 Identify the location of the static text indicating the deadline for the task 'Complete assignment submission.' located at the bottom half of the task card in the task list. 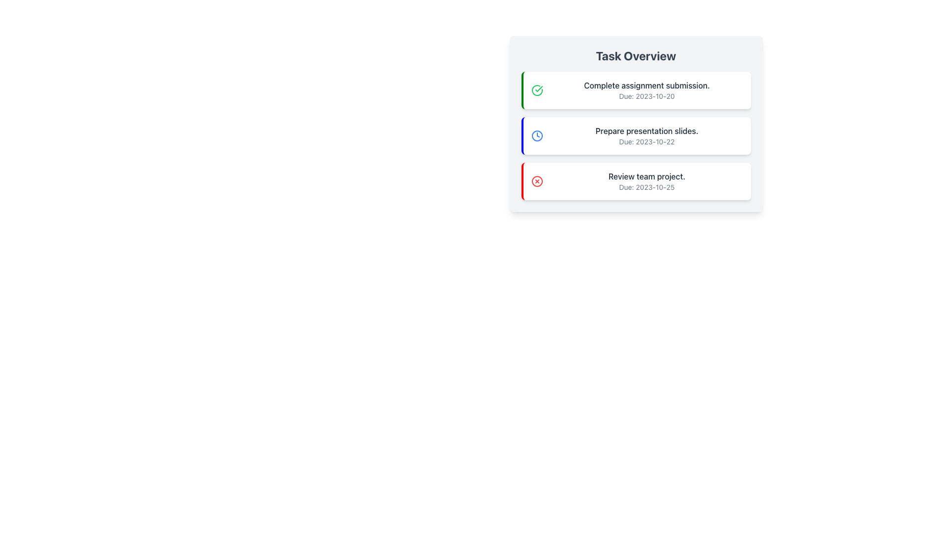
(647, 96).